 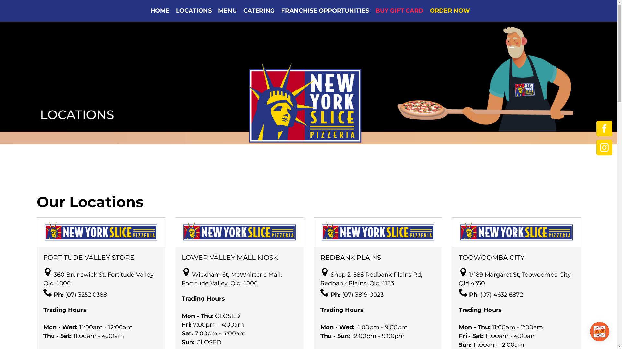 I want to click on '(07) 3252 0388', so click(x=85, y=294).